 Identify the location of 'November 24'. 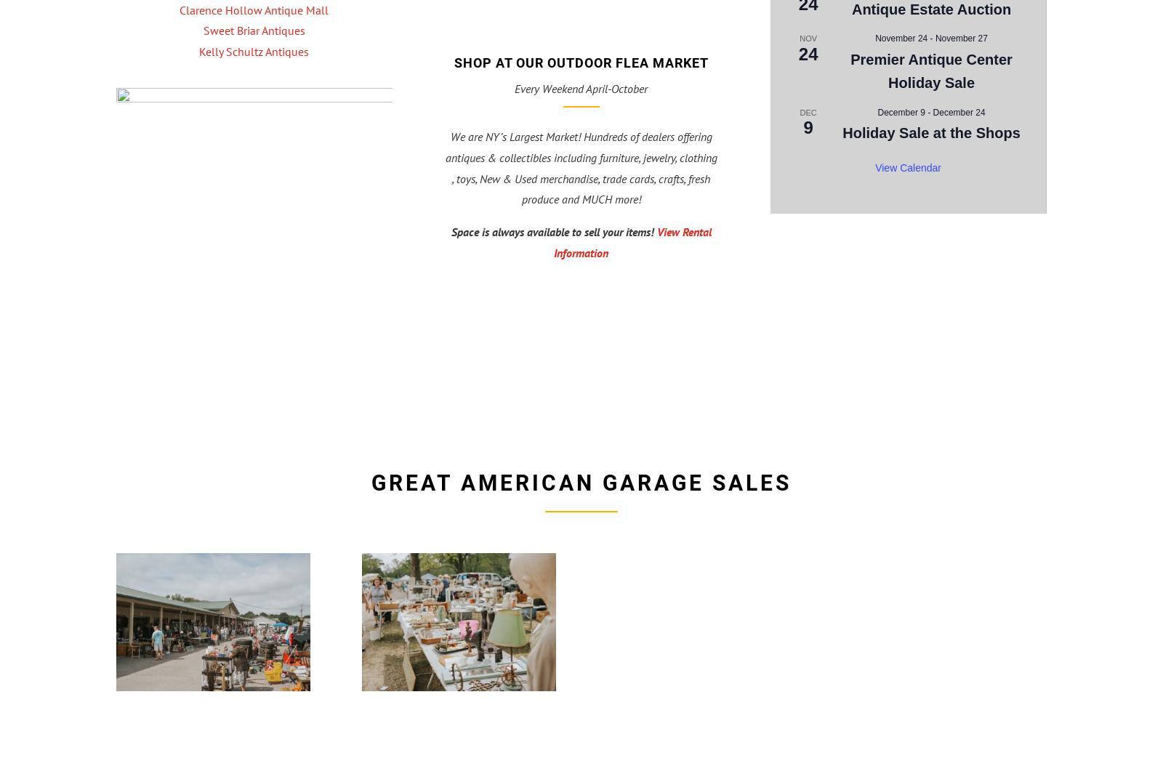
(874, 38).